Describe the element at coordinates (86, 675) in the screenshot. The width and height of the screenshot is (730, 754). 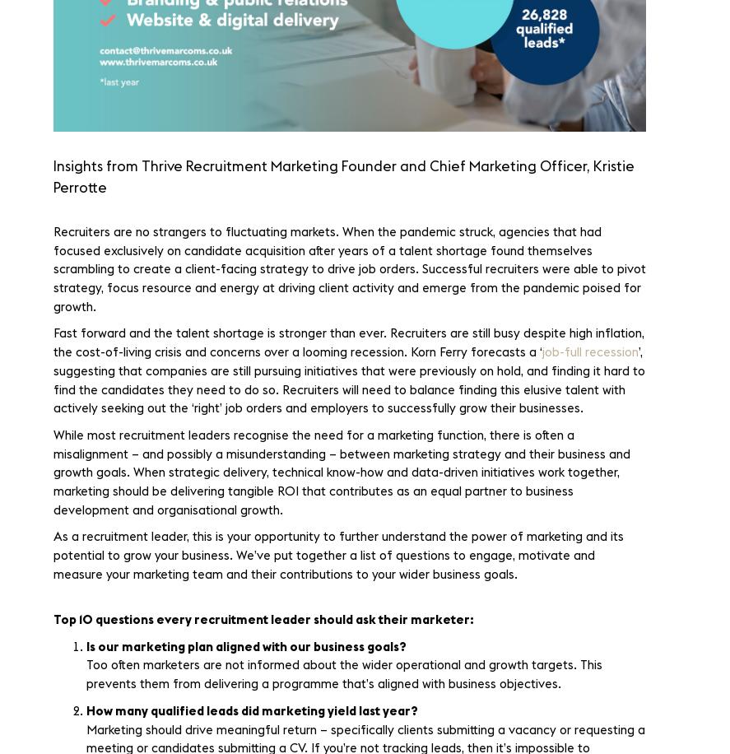
I see `'Too often marketers are not informed about the wider operational and growth targets. This prevents them from delivering a programme that’s aligned with business objectives.'` at that location.